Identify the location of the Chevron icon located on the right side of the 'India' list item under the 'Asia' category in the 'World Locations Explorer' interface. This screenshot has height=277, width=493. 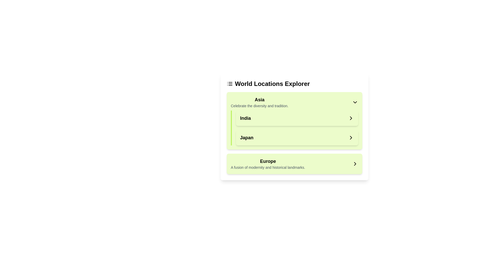
(351, 118).